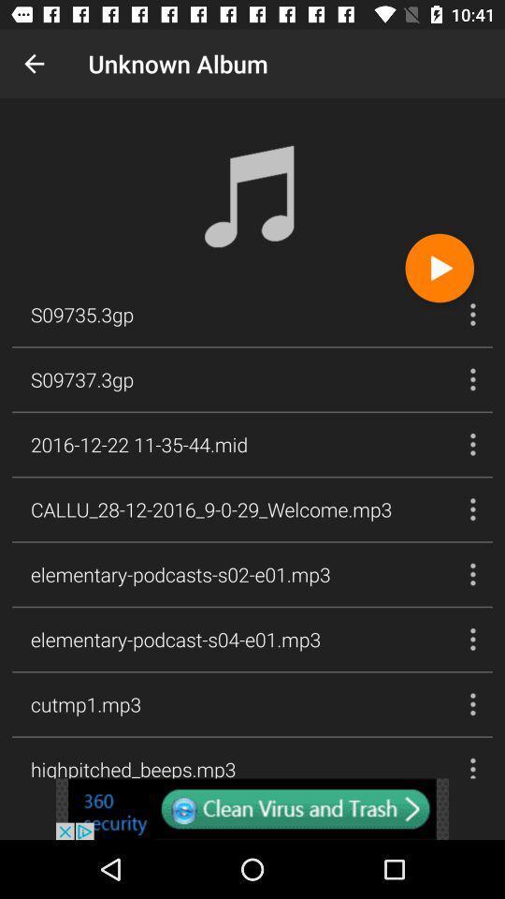 The height and width of the screenshot is (899, 505). What do you see at coordinates (440, 267) in the screenshot?
I see `the playlist` at bounding box center [440, 267].